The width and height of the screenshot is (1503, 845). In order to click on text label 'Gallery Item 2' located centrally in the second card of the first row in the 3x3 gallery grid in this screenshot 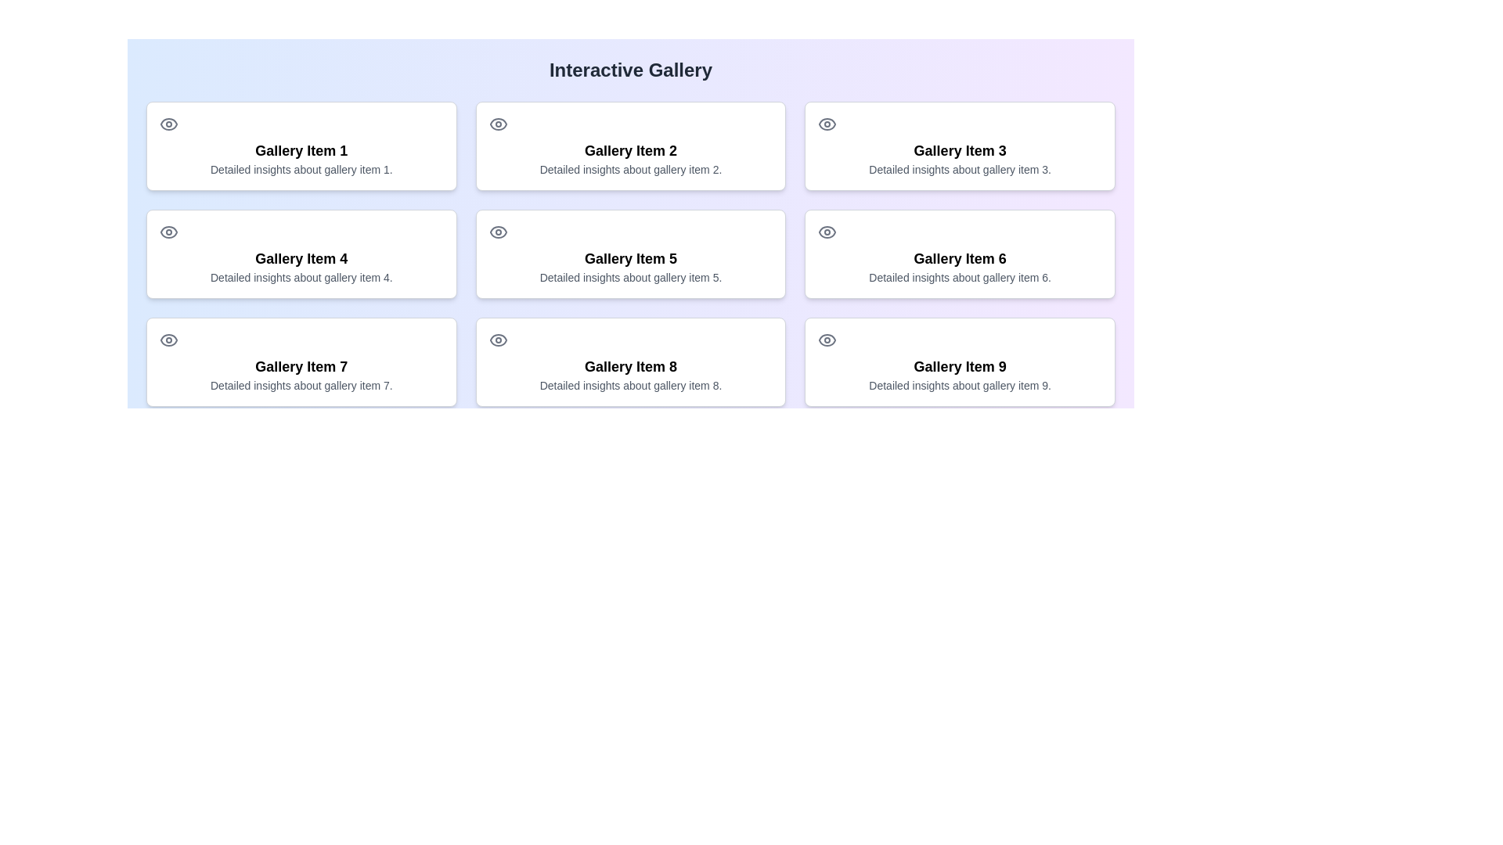, I will do `click(631, 150)`.